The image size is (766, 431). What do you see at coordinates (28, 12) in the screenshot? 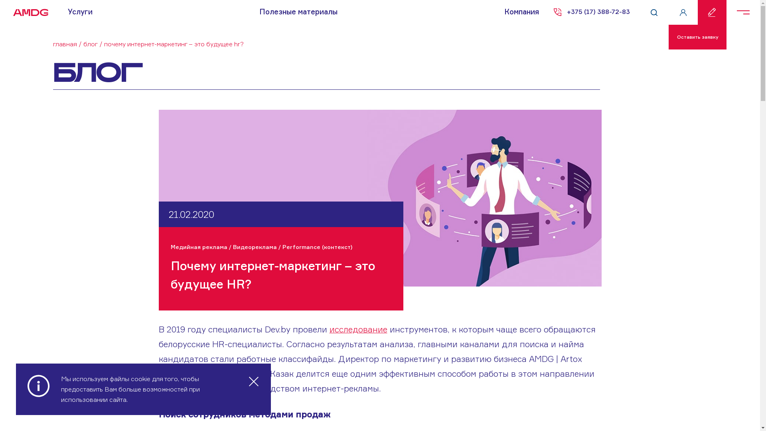
I see `'AMDG'` at bounding box center [28, 12].